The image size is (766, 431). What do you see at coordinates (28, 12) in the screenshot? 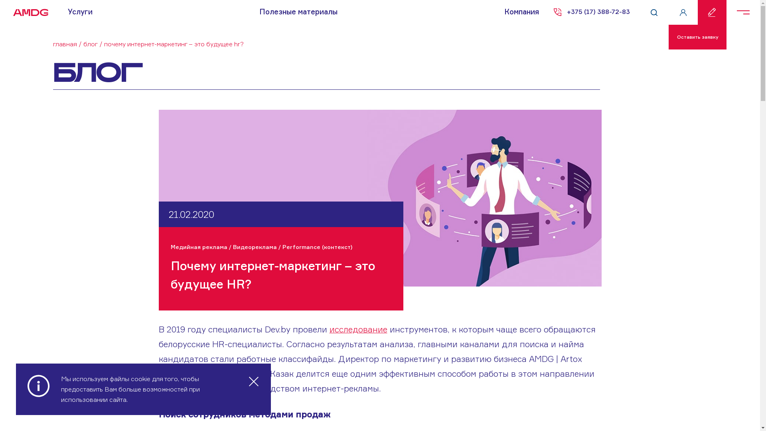
I see `'AMDG'` at bounding box center [28, 12].